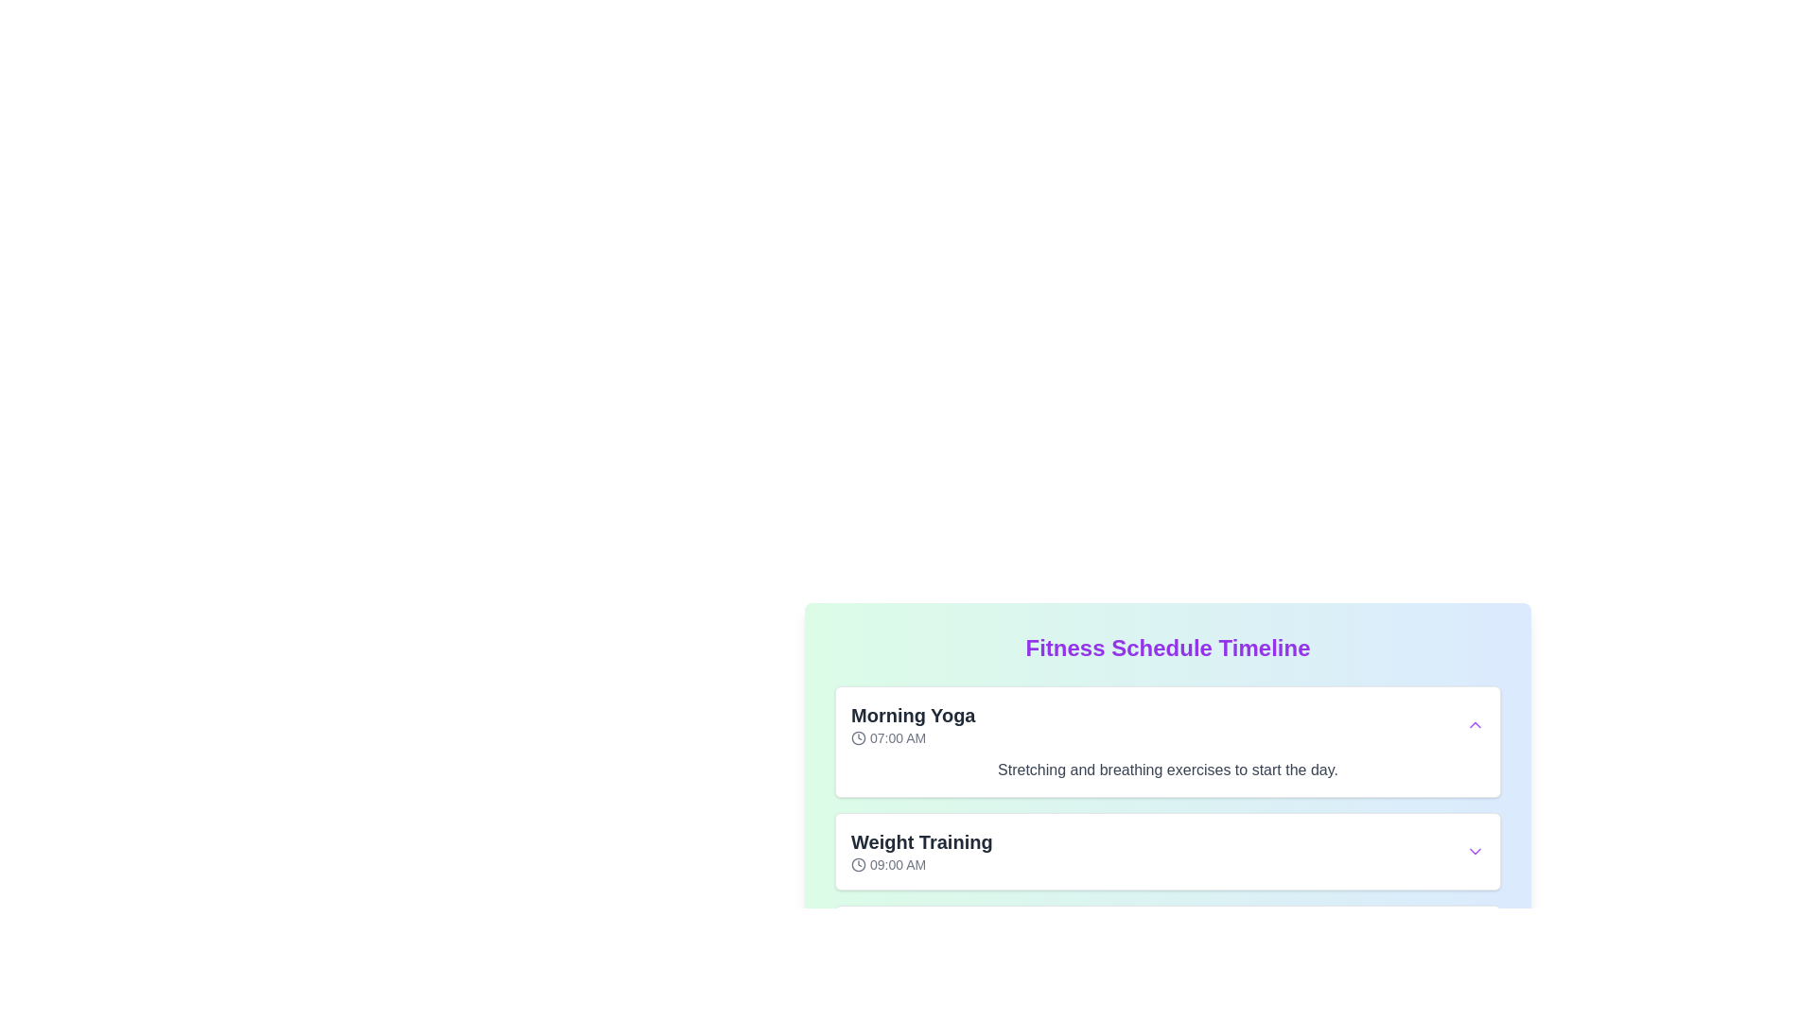 Image resolution: width=1816 pixels, height=1021 pixels. What do you see at coordinates (921, 852) in the screenshot?
I see `the clock icon next to the 'Weight Training' text in the Fitness Schedule Timeline to interact with it` at bounding box center [921, 852].